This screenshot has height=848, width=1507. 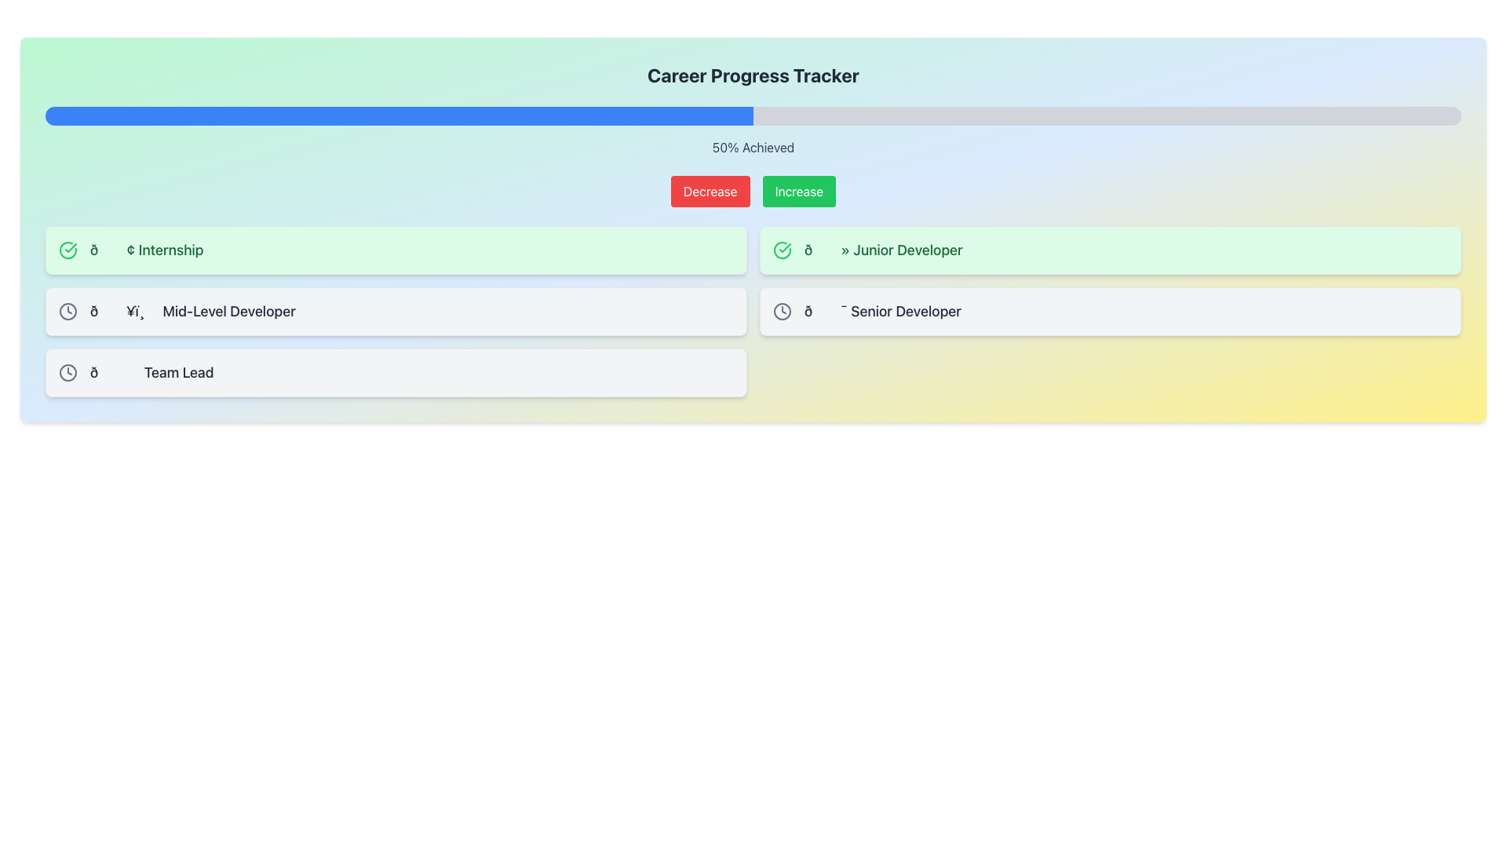 What do you see at coordinates (67, 372) in the screenshot?
I see `the small clock icon with a circular outline and clock hands, located to the left of the text 'Team Lead' in the career milestone section` at bounding box center [67, 372].